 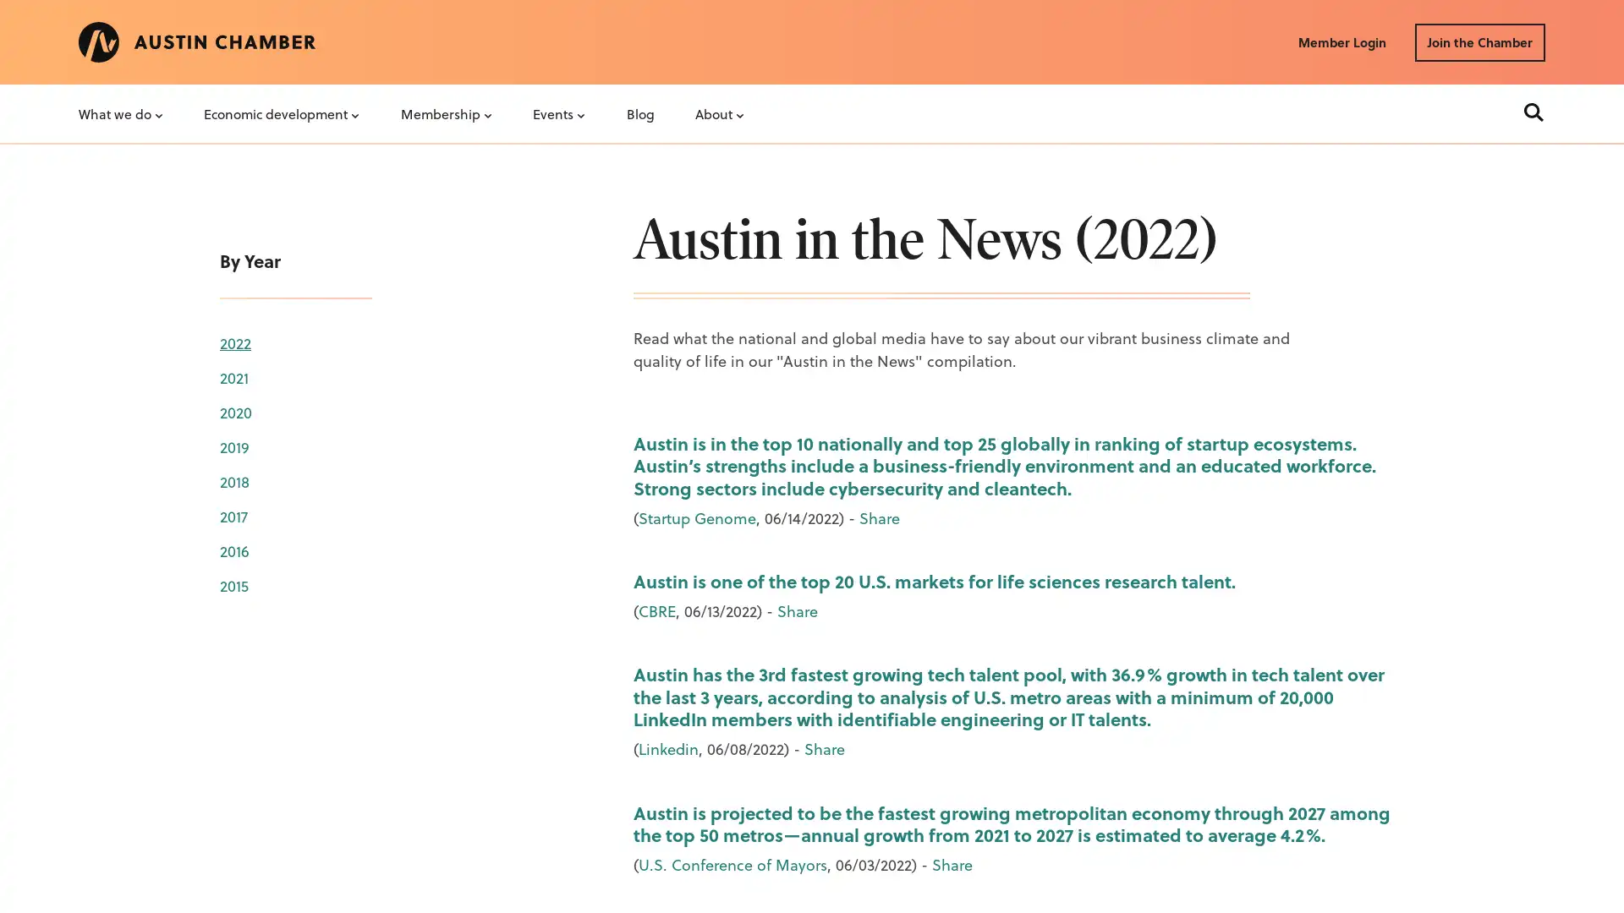 What do you see at coordinates (1533, 113) in the screenshot?
I see `Search` at bounding box center [1533, 113].